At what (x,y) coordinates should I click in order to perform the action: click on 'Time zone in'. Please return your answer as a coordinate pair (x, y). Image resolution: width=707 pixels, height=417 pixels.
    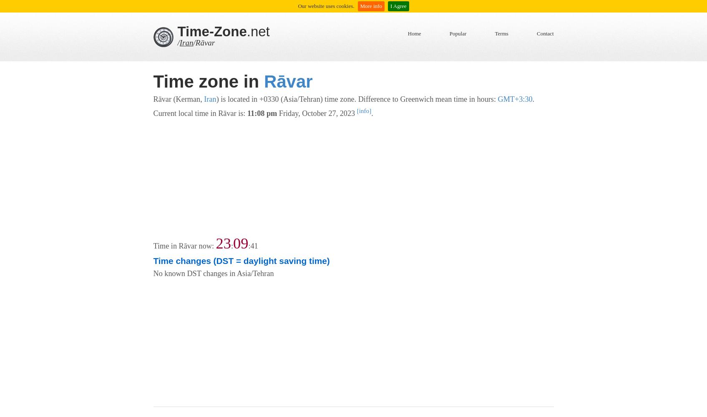
    Looking at the image, I should click on (208, 81).